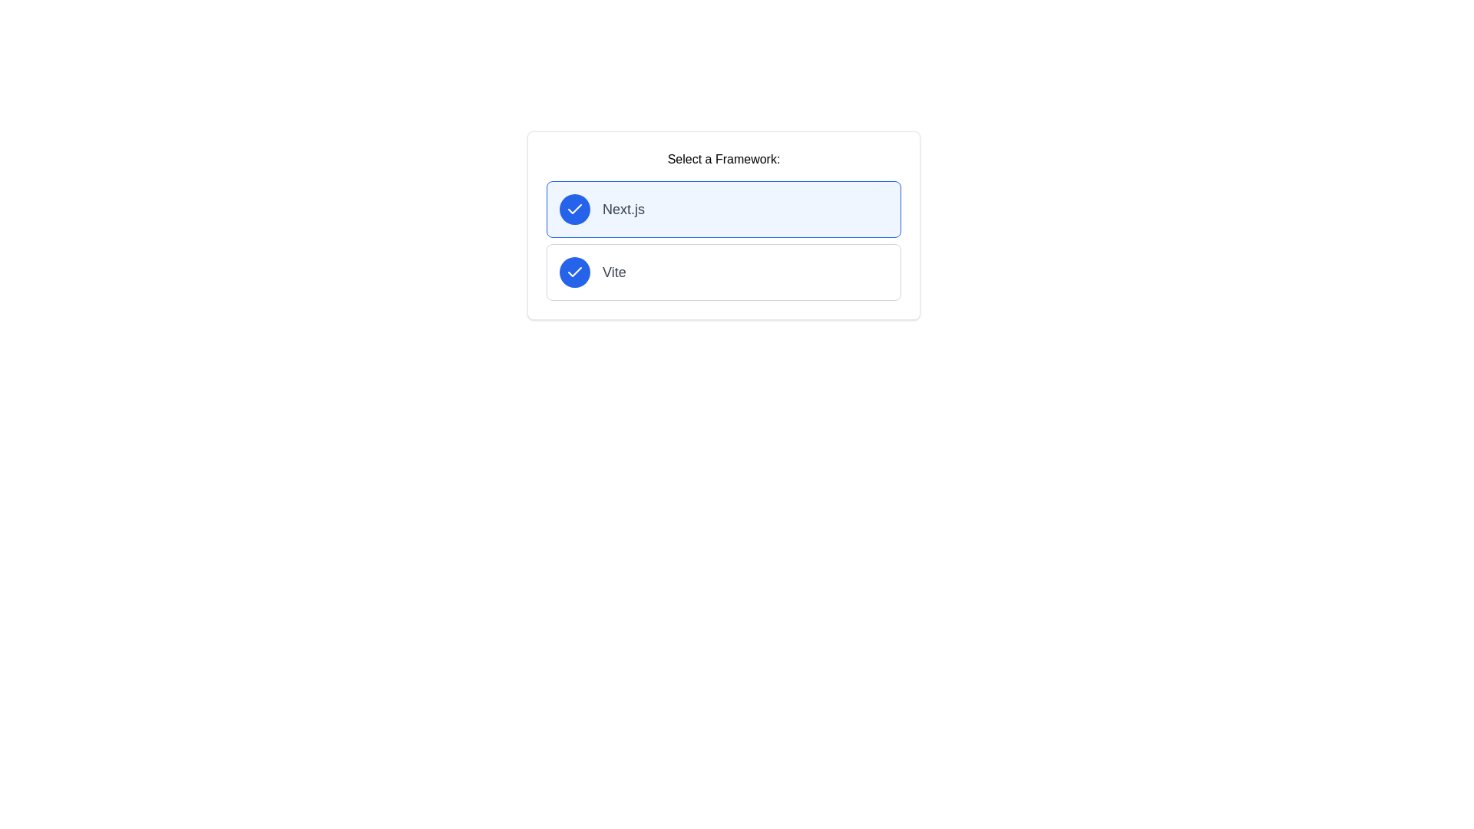 This screenshot has height=829, width=1474. I want to click on the checkmark icon within the blue circular background, which serves as a confirmation indicator, located to the left of the 'Vite' option in the vertical list of framework options, so click(573, 210).